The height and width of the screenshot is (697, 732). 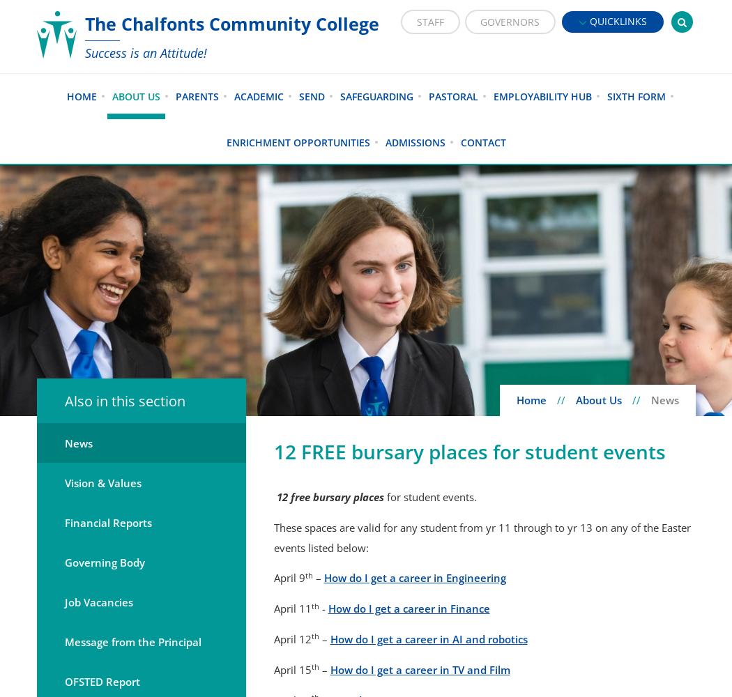 I want to click on 'Academic', so click(x=257, y=95).